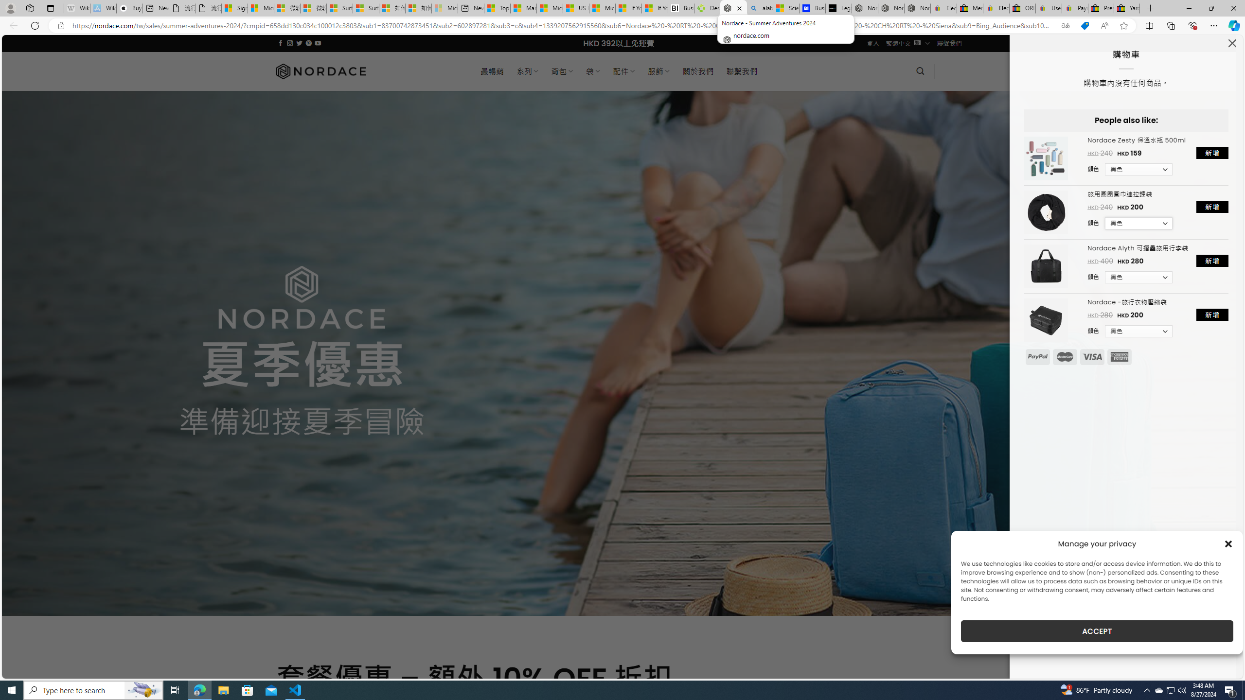  Describe the element at coordinates (260, 8) in the screenshot. I see `'Microsoft Services Agreement'` at that location.